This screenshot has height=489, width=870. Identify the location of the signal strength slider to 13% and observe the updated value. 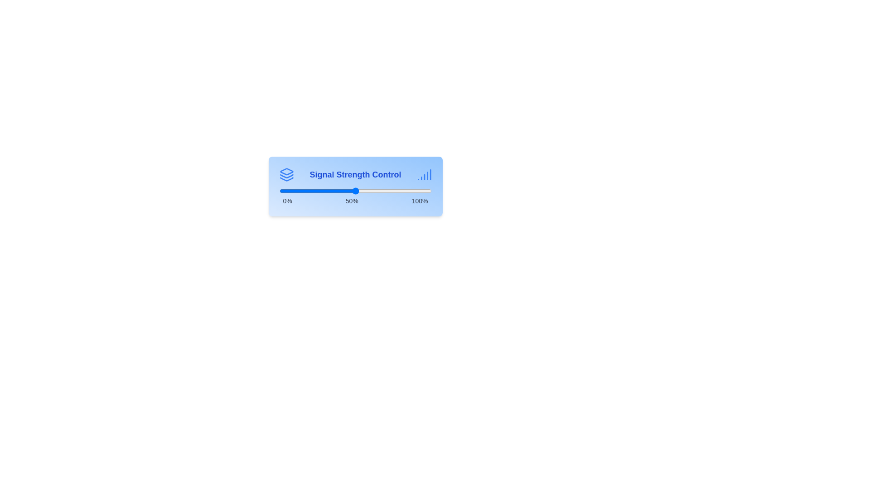
(299, 190).